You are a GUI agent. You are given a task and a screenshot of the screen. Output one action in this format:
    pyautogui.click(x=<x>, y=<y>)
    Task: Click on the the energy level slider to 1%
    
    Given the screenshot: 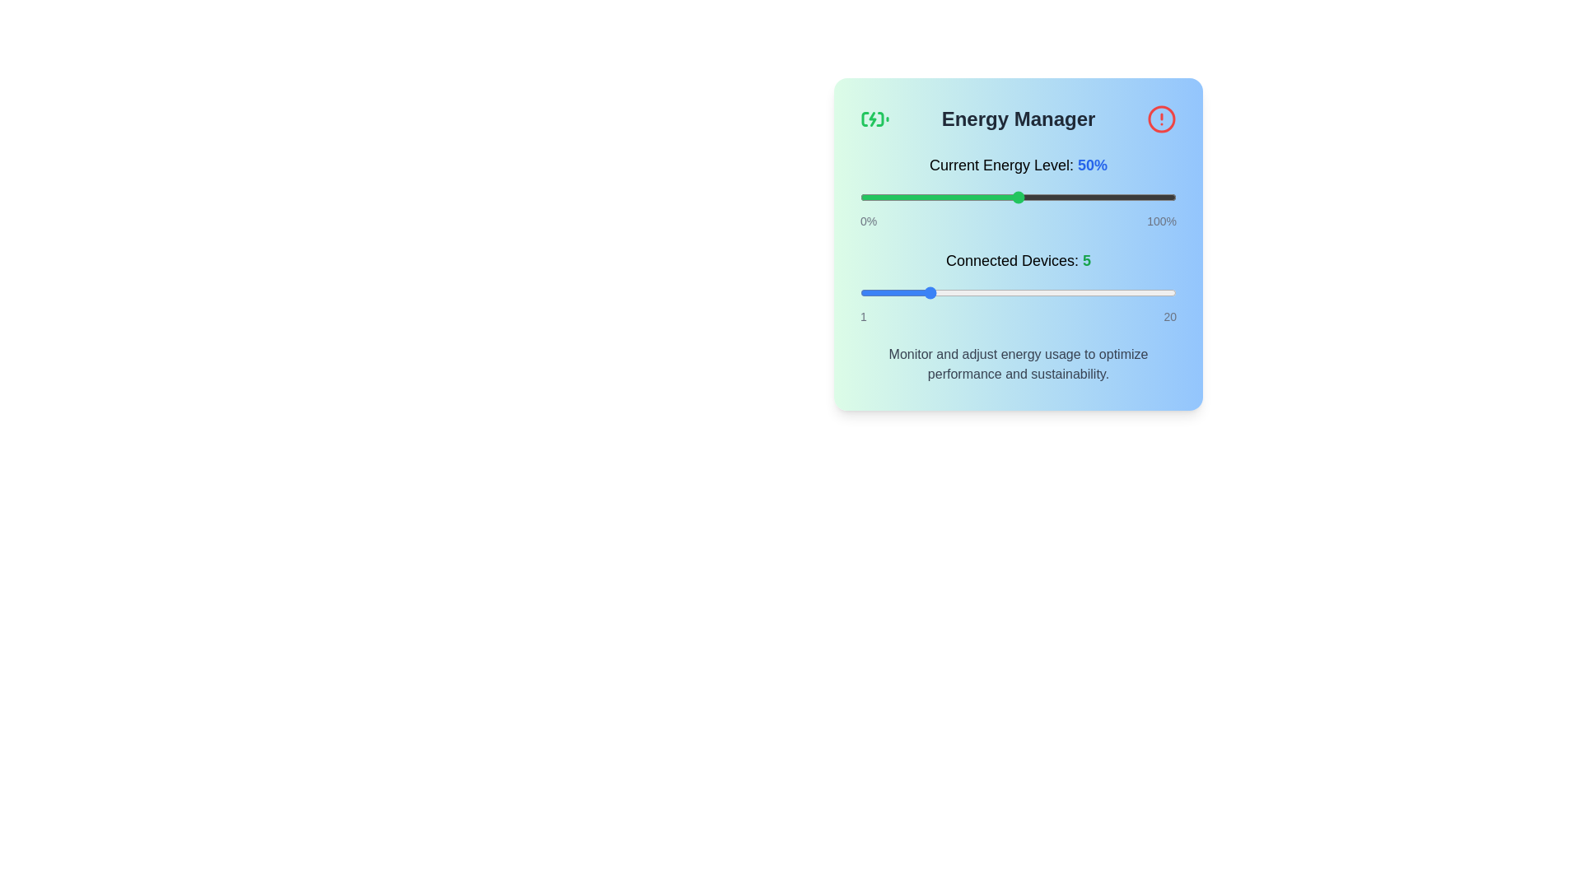 What is the action you would take?
    pyautogui.click(x=862, y=196)
    